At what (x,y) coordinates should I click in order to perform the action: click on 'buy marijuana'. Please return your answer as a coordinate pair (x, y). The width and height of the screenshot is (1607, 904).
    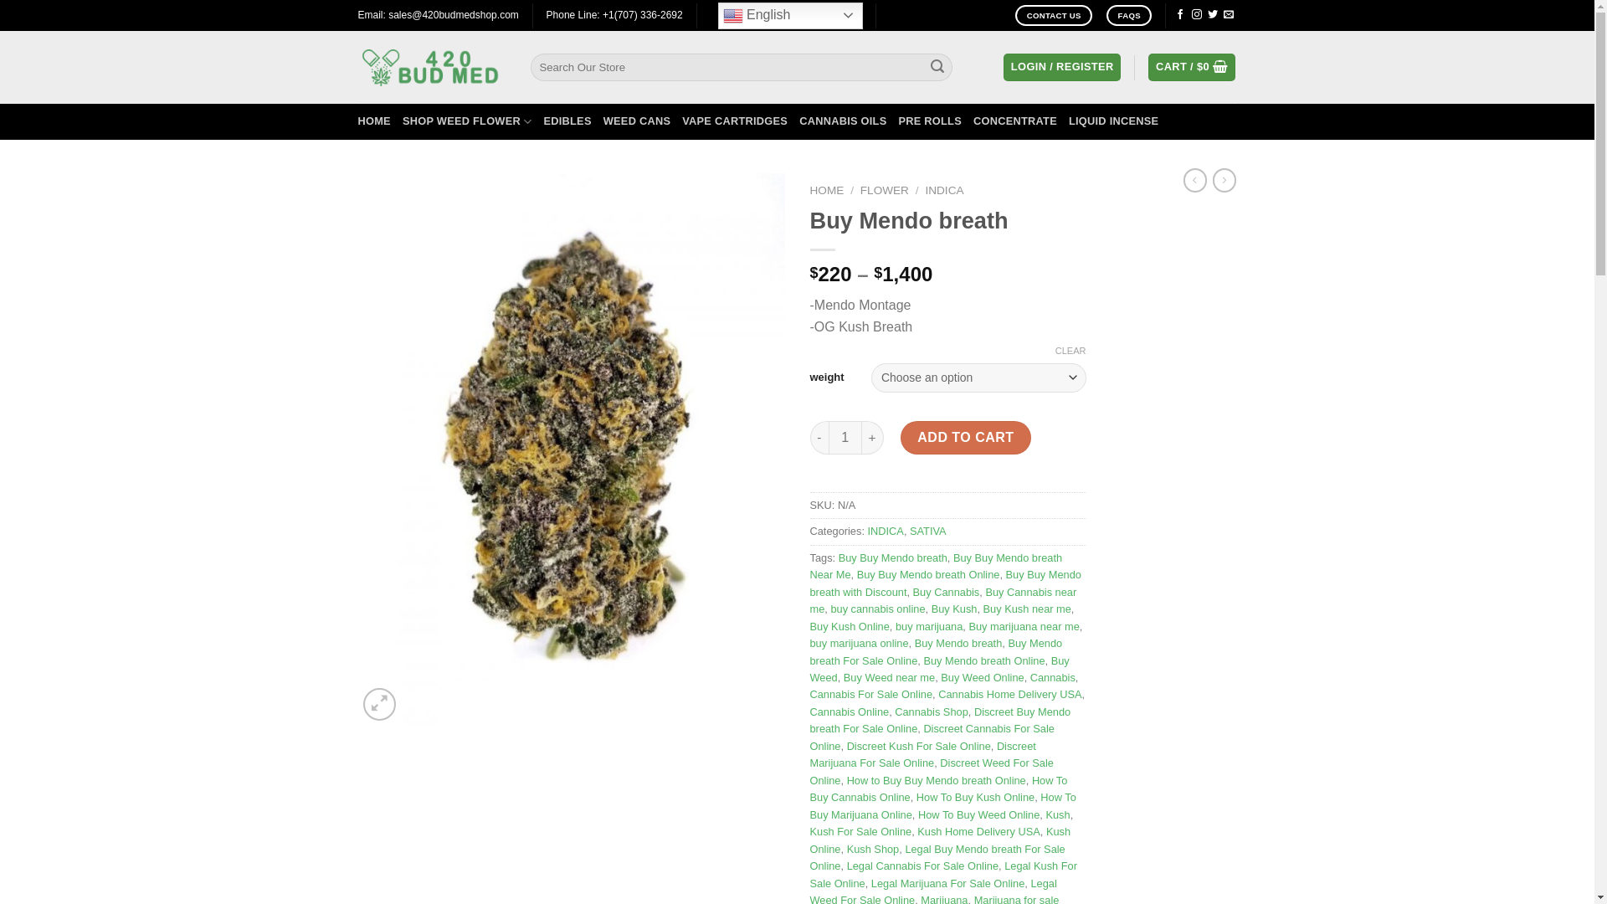
    Looking at the image, I should click on (927, 626).